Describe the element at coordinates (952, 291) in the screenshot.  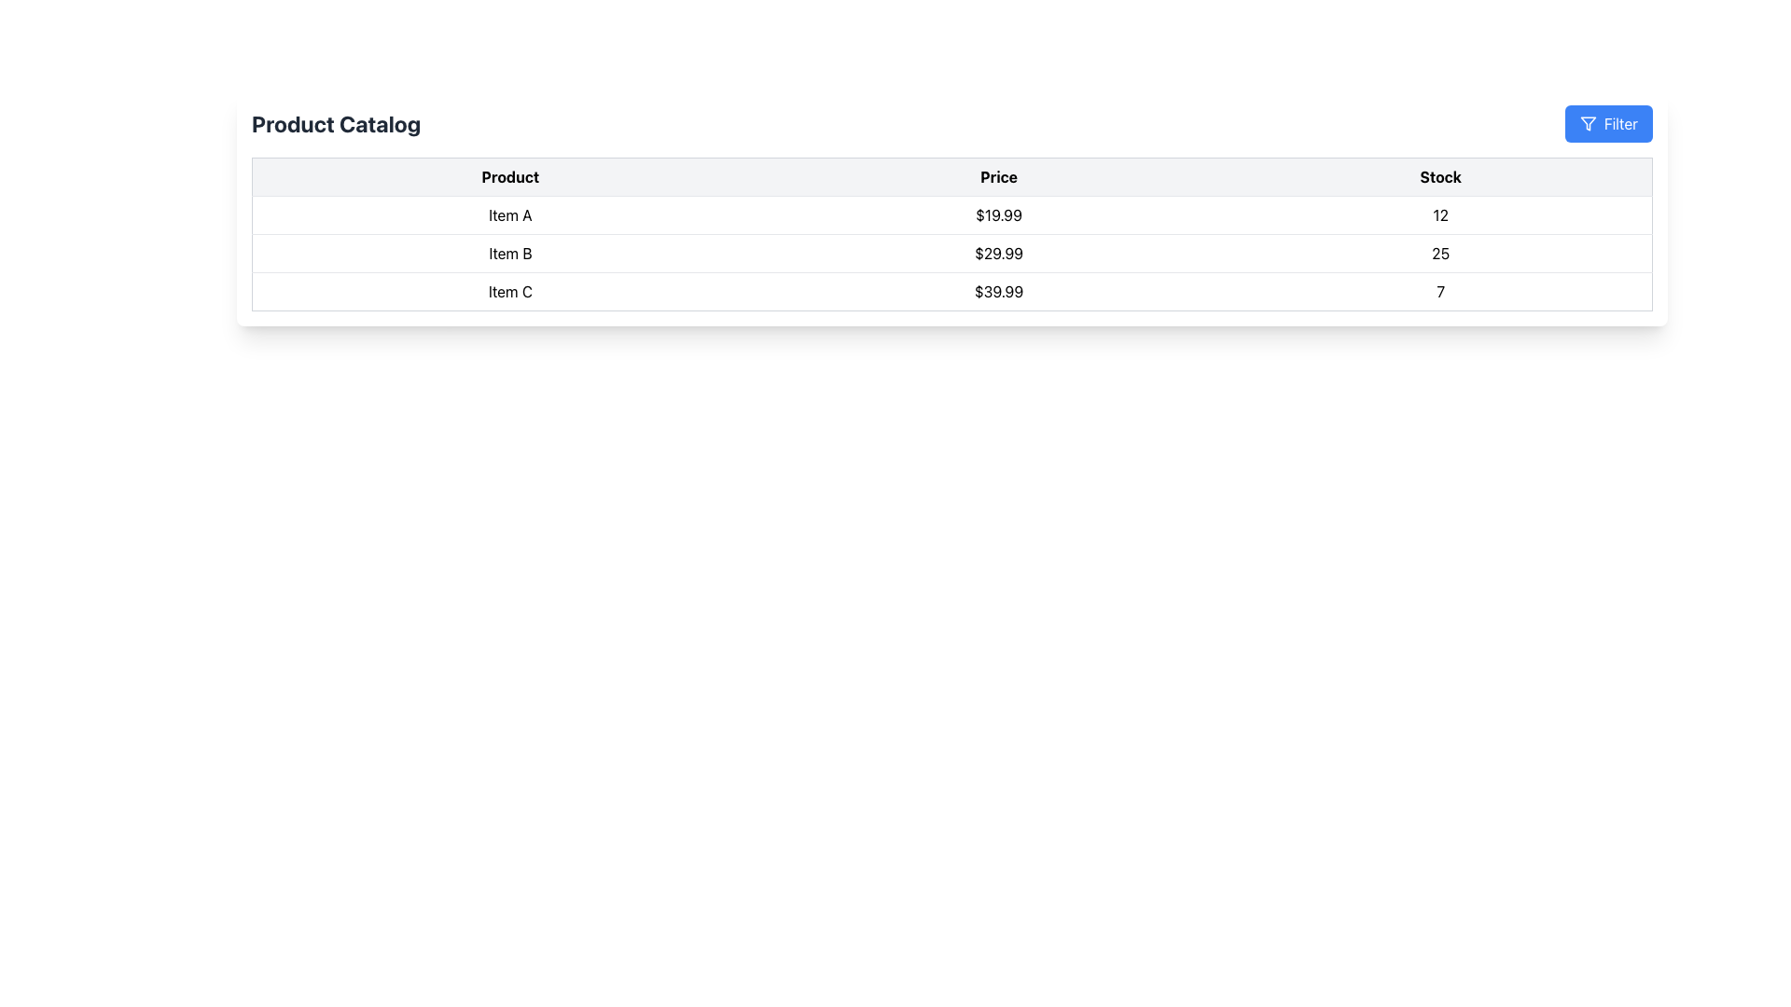
I see `the details of the tabular row displaying 'Item C' with price '$39.99' and stock '7', located in the third row of the table` at that location.